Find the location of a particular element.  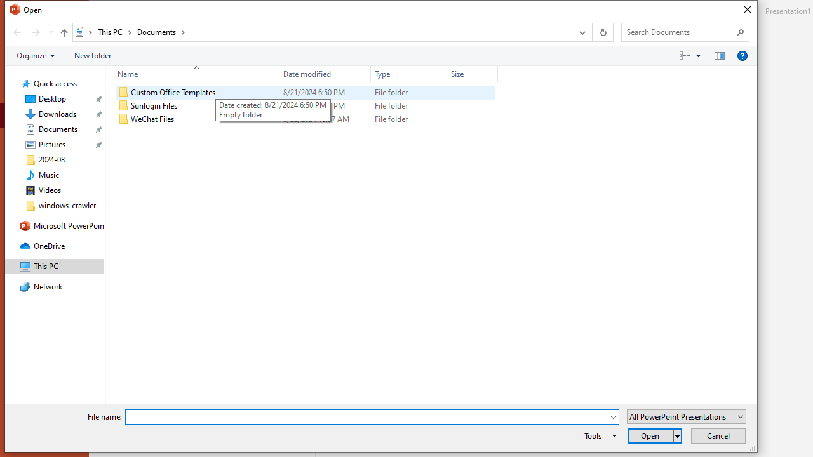

'Files of type:' is located at coordinates (685, 416).